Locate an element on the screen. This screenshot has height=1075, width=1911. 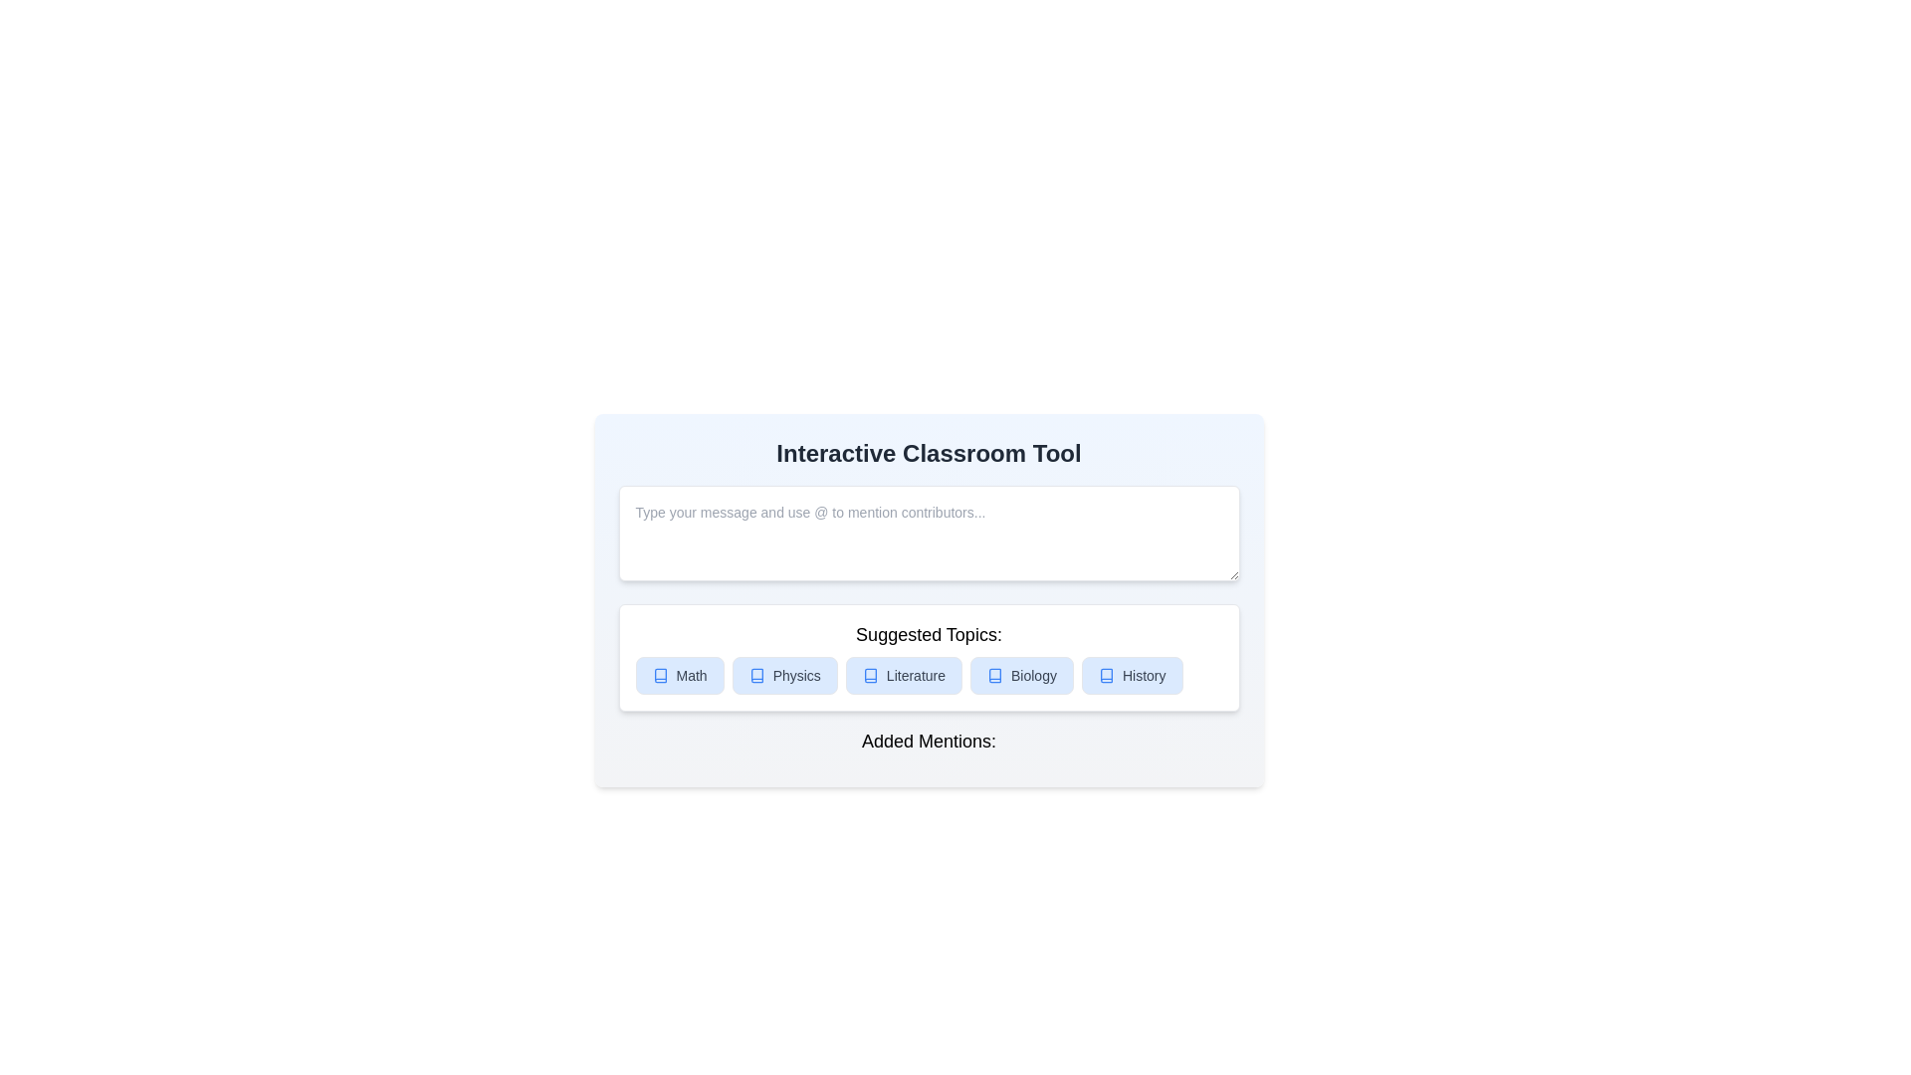
the 'Literature' icon located to the left of the 'Literature' button in the 'Suggested Topics' section is located at coordinates (870, 674).